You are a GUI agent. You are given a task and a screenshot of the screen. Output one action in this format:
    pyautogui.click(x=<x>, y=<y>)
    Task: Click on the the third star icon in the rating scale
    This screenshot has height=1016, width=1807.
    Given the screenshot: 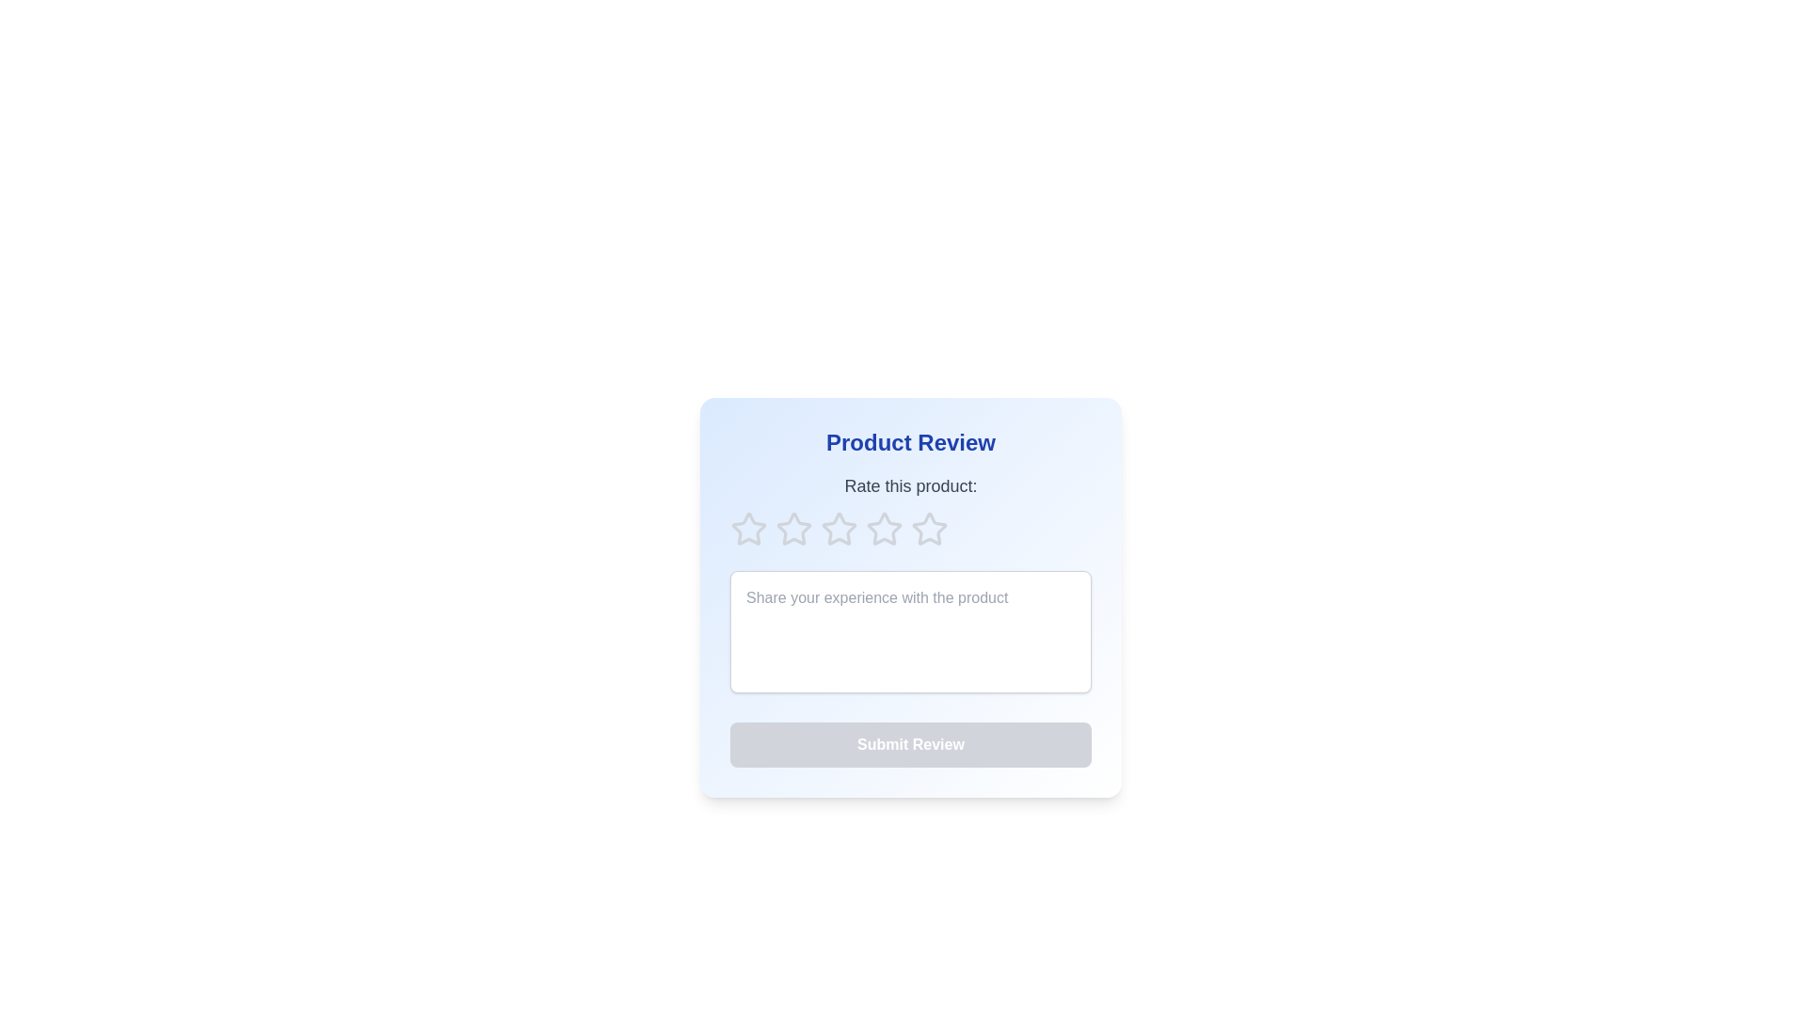 What is the action you would take?
    pyautogui.click(x=884, y=529)
    